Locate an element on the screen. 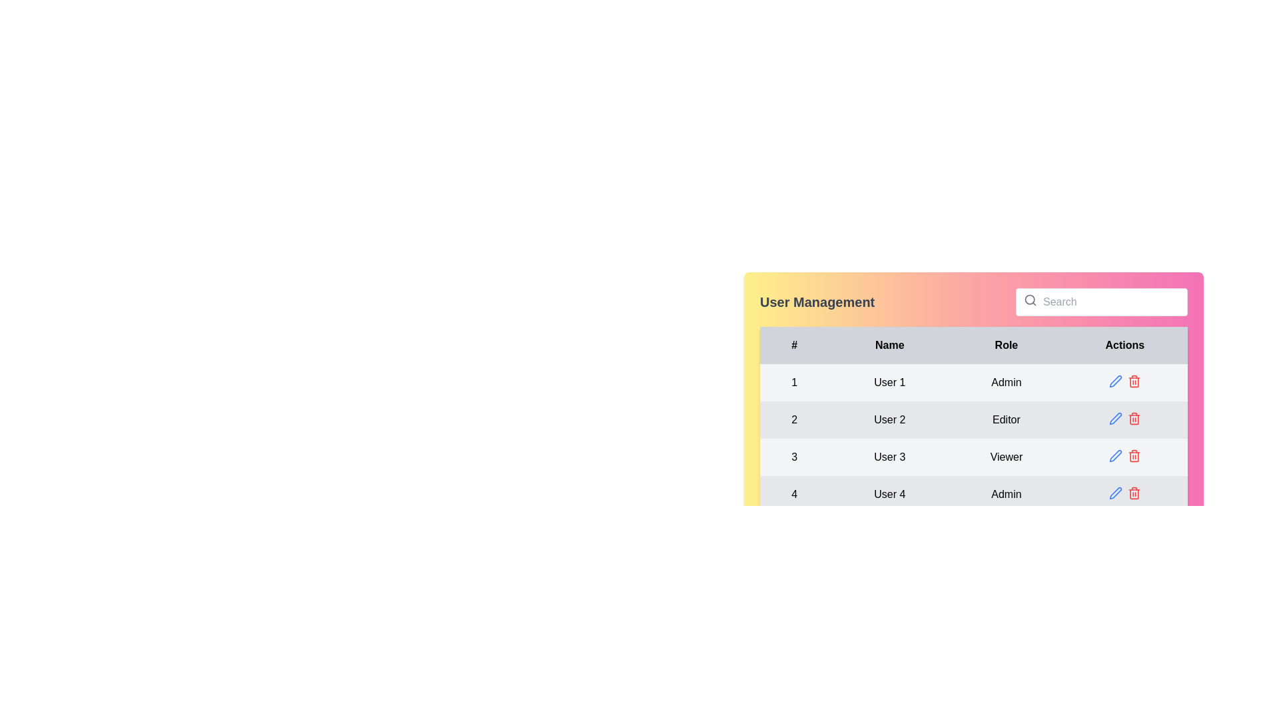 The height and width of the screenshot is (719, 1279). the 'Role' header text label in the table, which is the third element in the row of headers labeled '#', 'Name', 'Role', and 'Actions' is located at coordinates (1006, 345).